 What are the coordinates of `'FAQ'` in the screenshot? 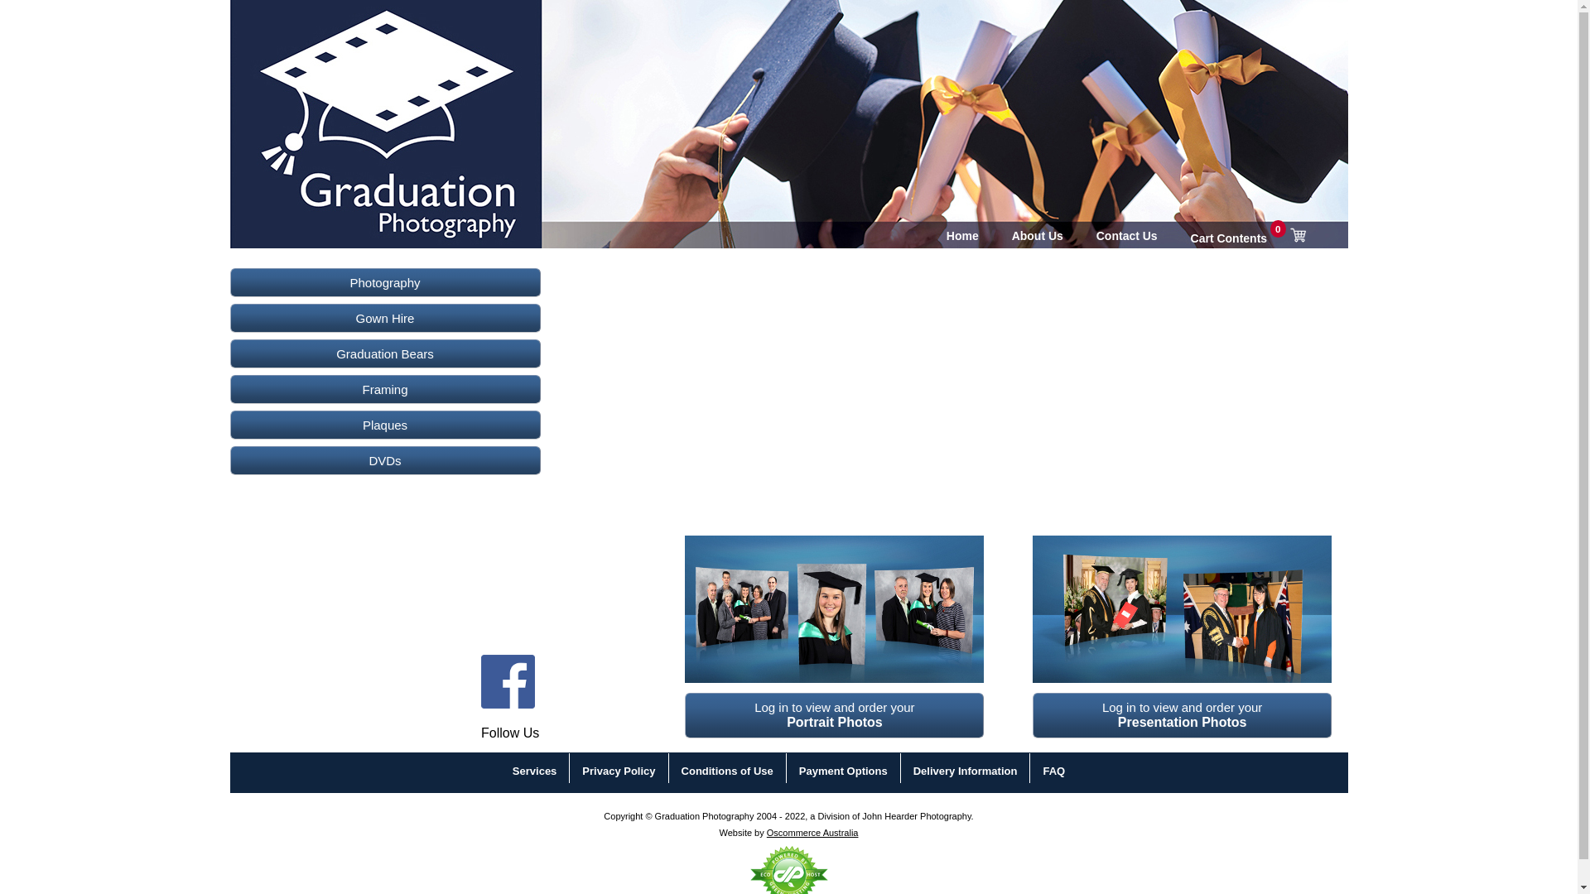 It's located at (1053, 771).